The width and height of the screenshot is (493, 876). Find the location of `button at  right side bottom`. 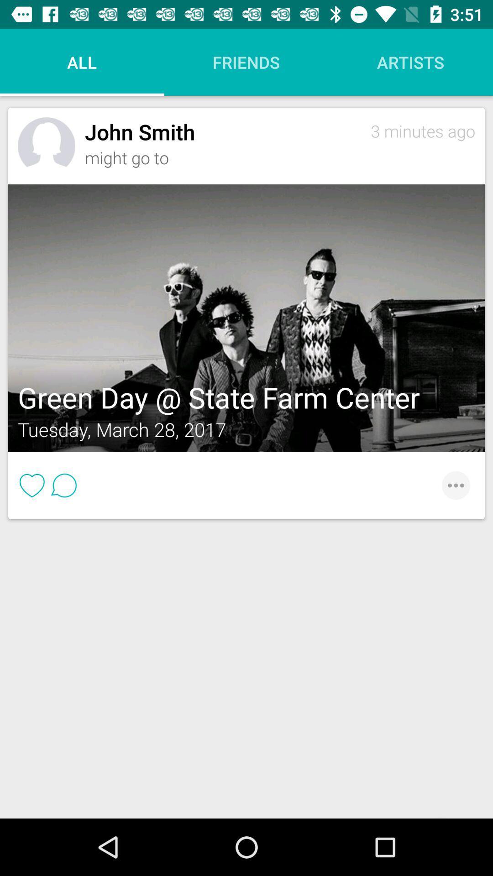

button at  right side bottom is located at coordinates (451, 485).